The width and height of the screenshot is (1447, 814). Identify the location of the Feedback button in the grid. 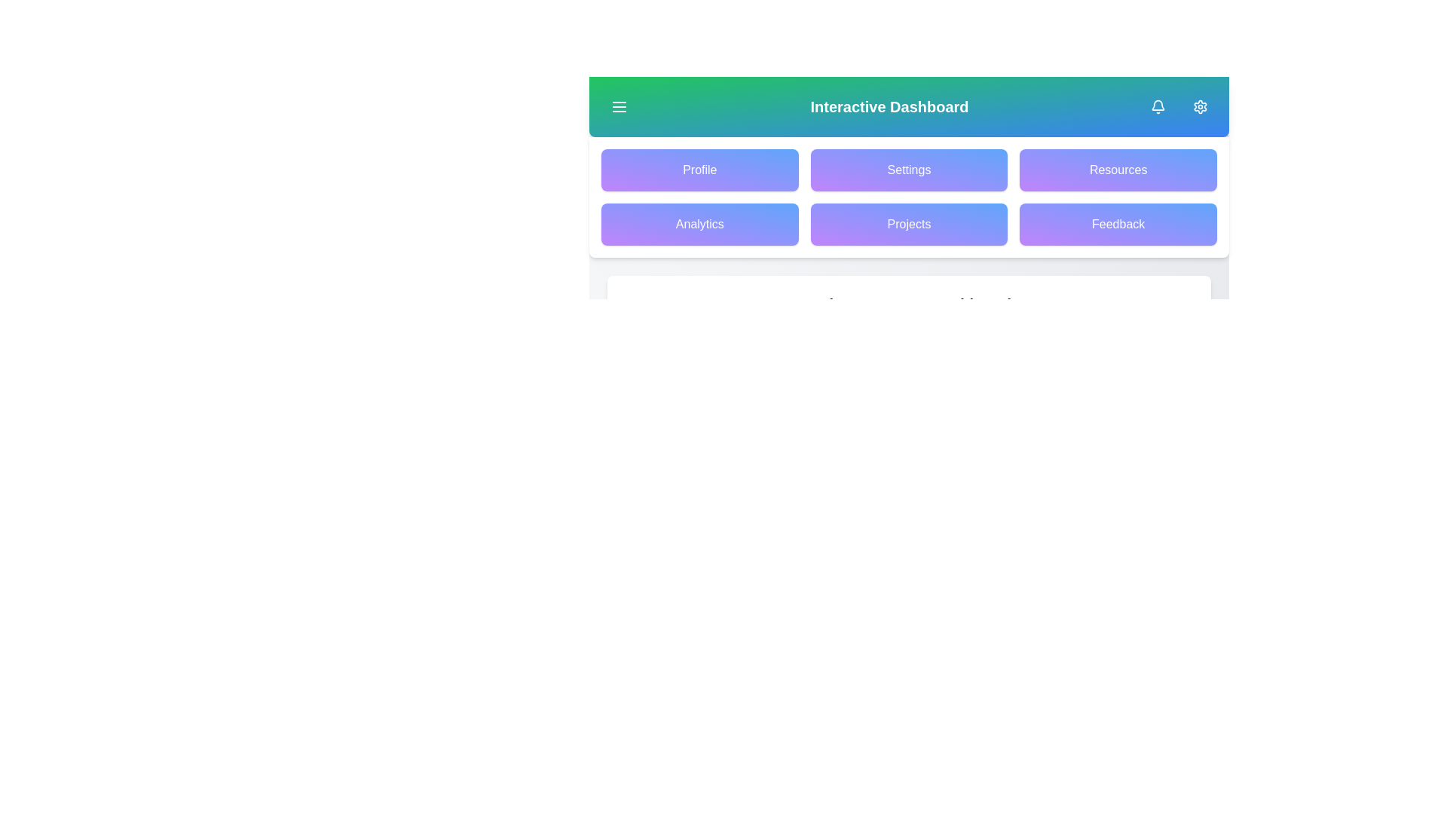
(1118, 224).